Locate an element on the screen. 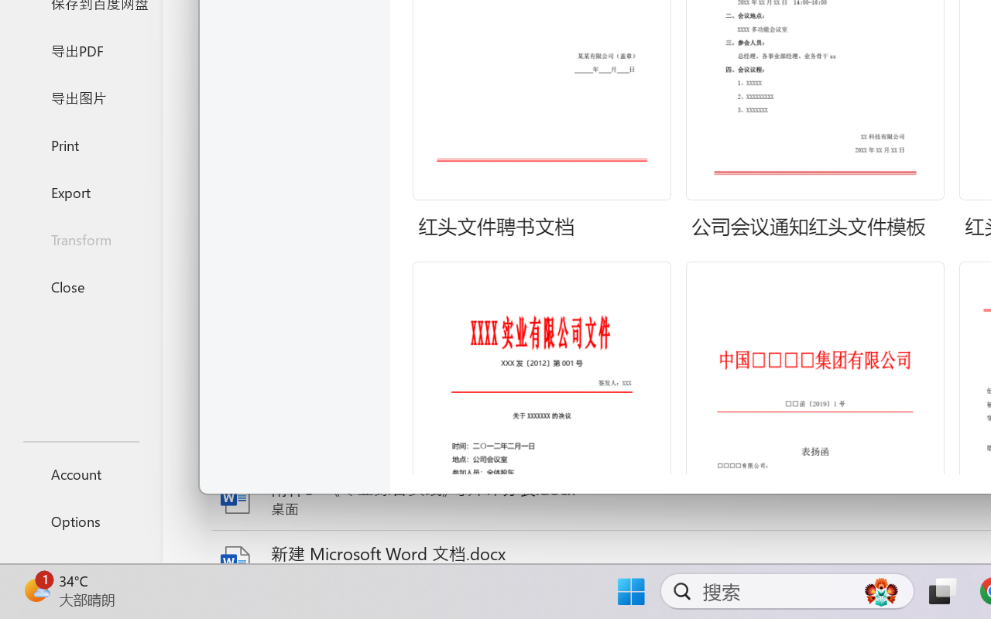 This screenshot has width=991, height=619. 'AutomationID: BadgeAnchorLargeTicker' is located at coordinates (36, 590).